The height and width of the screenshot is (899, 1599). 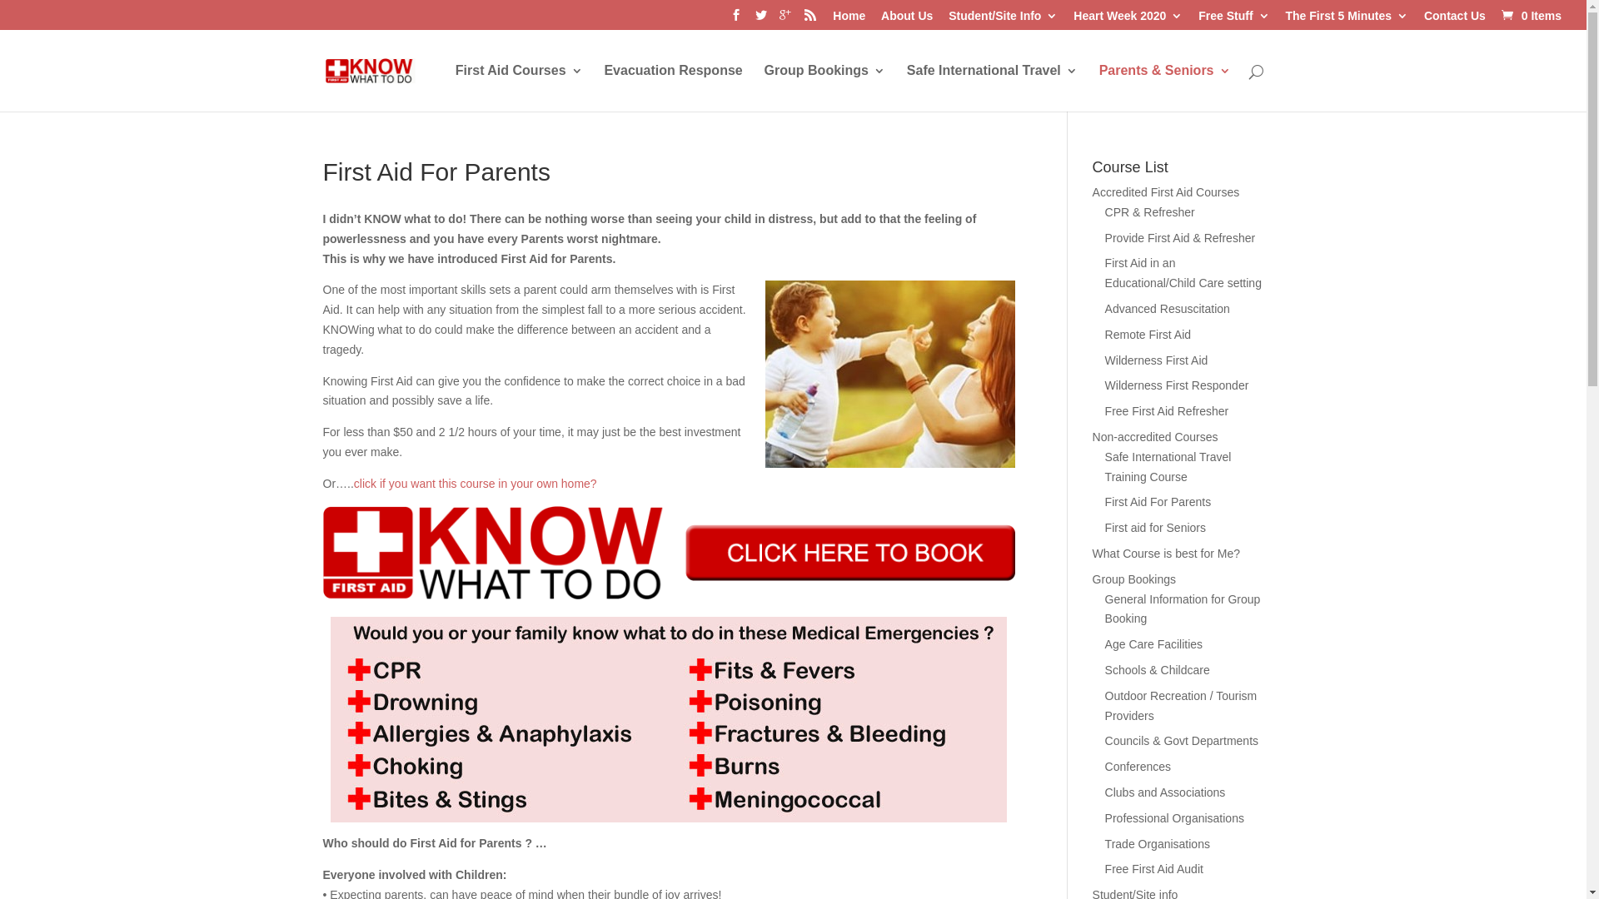 What do you see at coordinates (1180, 706) in the screenshot?
I see `'Outdoor Recreation / Tourism Providers'` at bounding box center [1180, 706].